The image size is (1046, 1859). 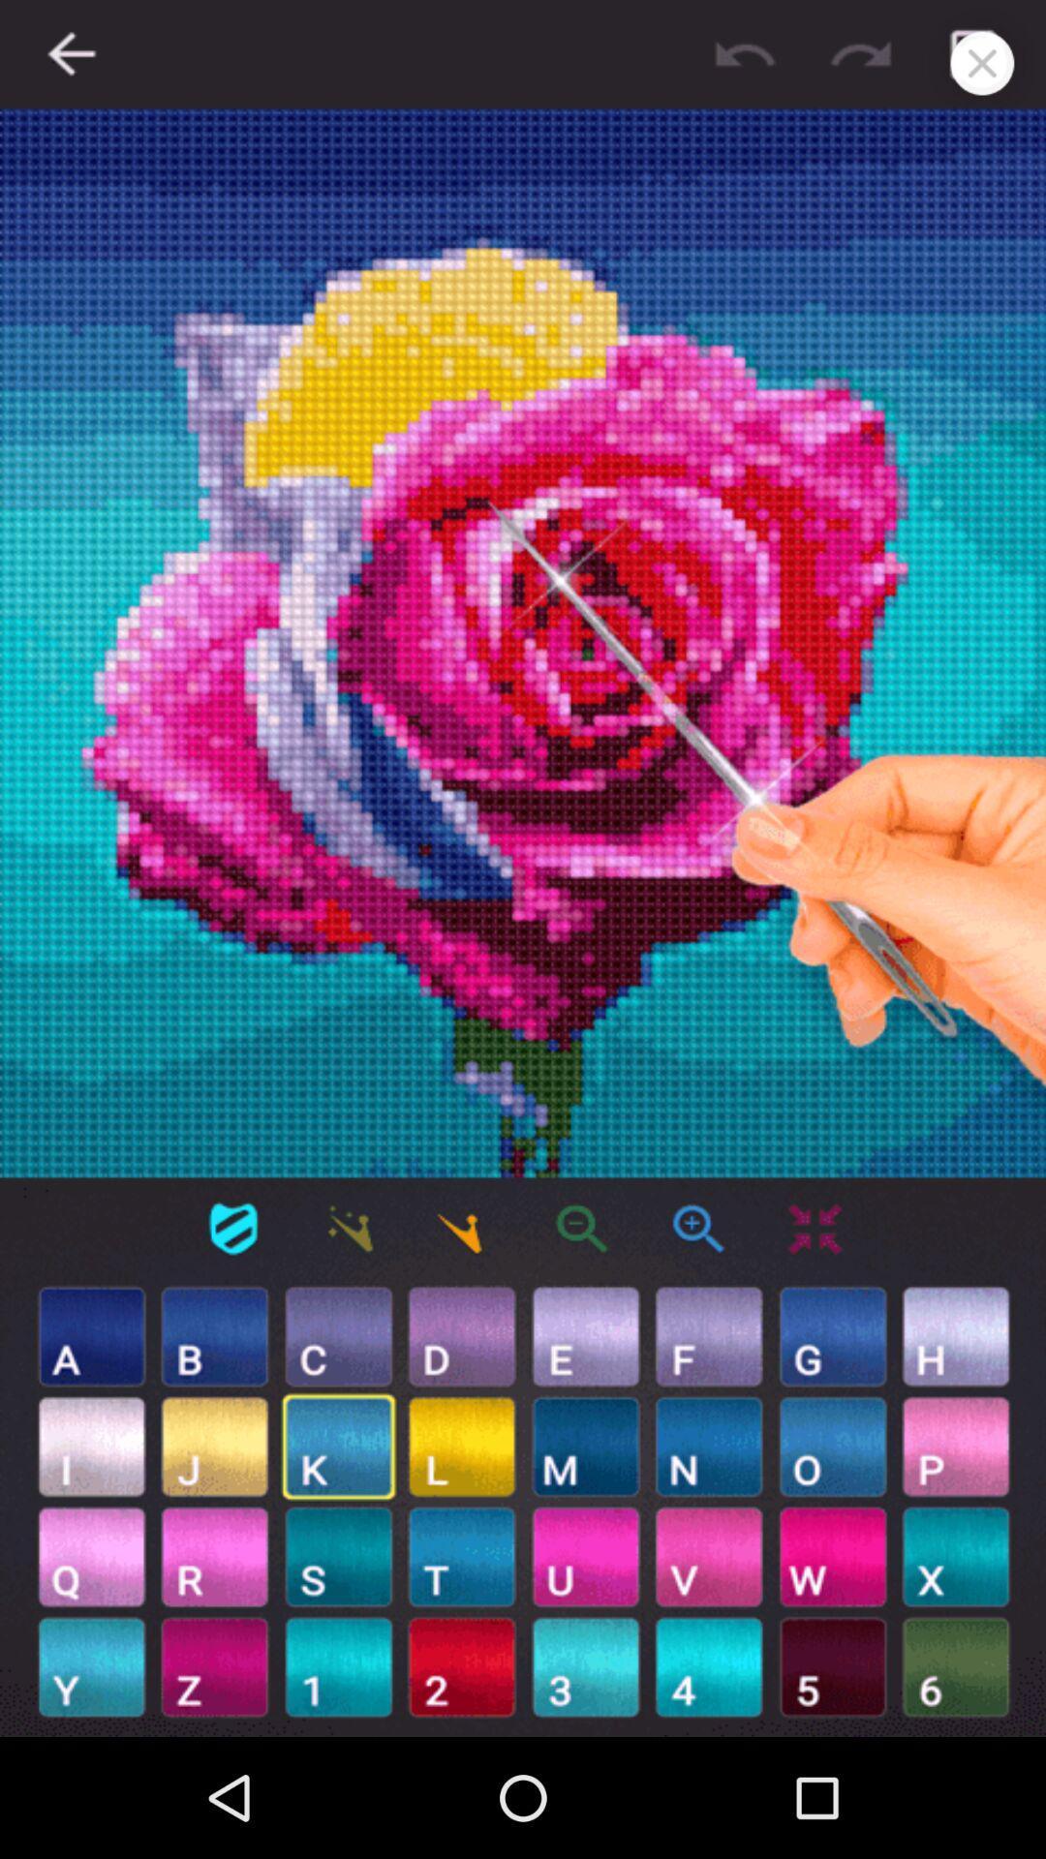 I want to click on the close icon, so click(x=982, y=63).